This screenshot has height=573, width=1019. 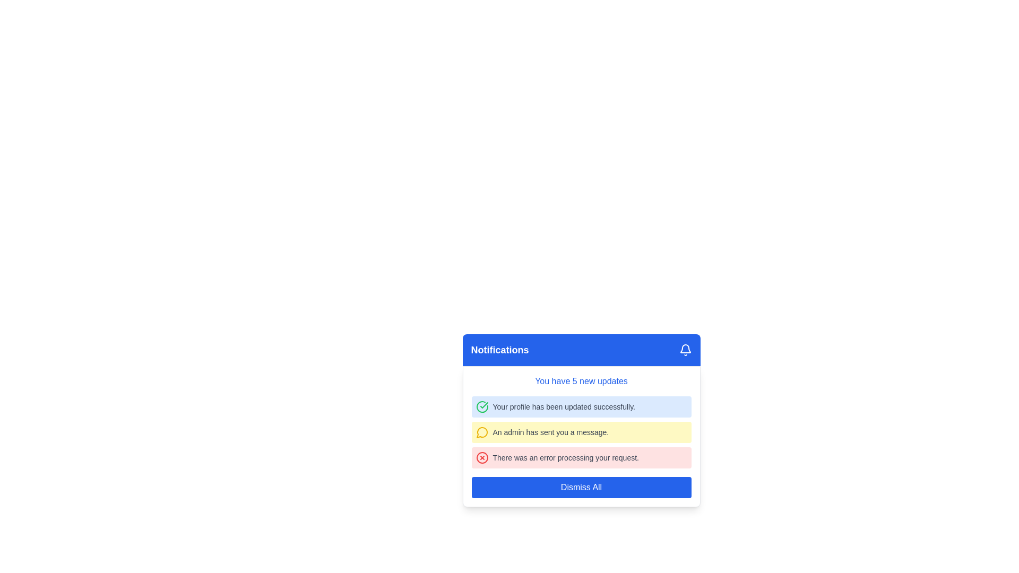 What do you see at coordinates (563, 406) in the screenshot?
I see `the text label that reads 'Your profile has been updated successfully.' in the first notification slot of the 'Notifications' panel, which is styled in gray within a light blue area` at bounding box center [563, 406].